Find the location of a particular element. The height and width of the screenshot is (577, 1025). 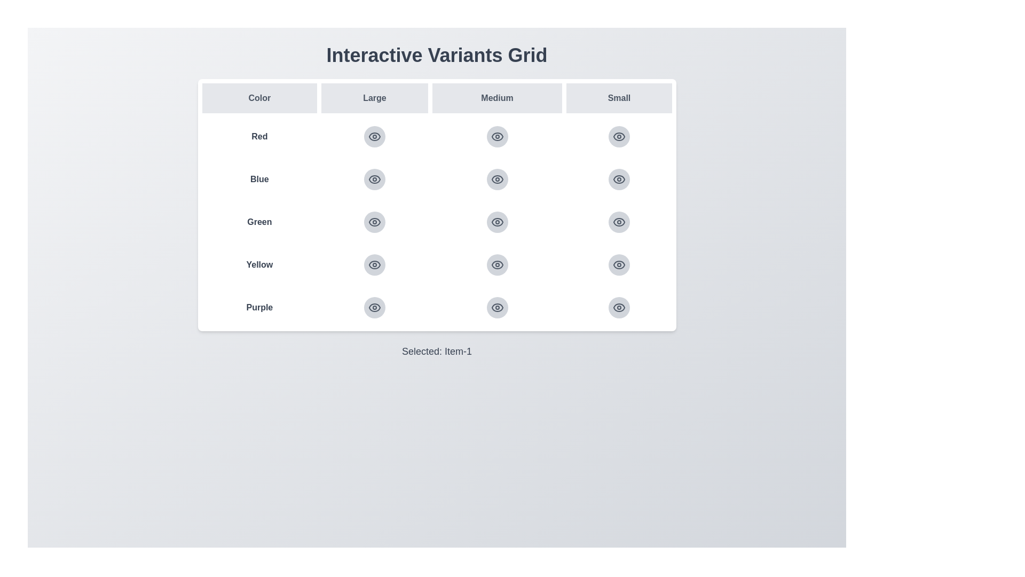

the individual grid items within the Interactive Variants Grid, which contains circular icons for different categories and sizes is located at coordinates (437, 205).